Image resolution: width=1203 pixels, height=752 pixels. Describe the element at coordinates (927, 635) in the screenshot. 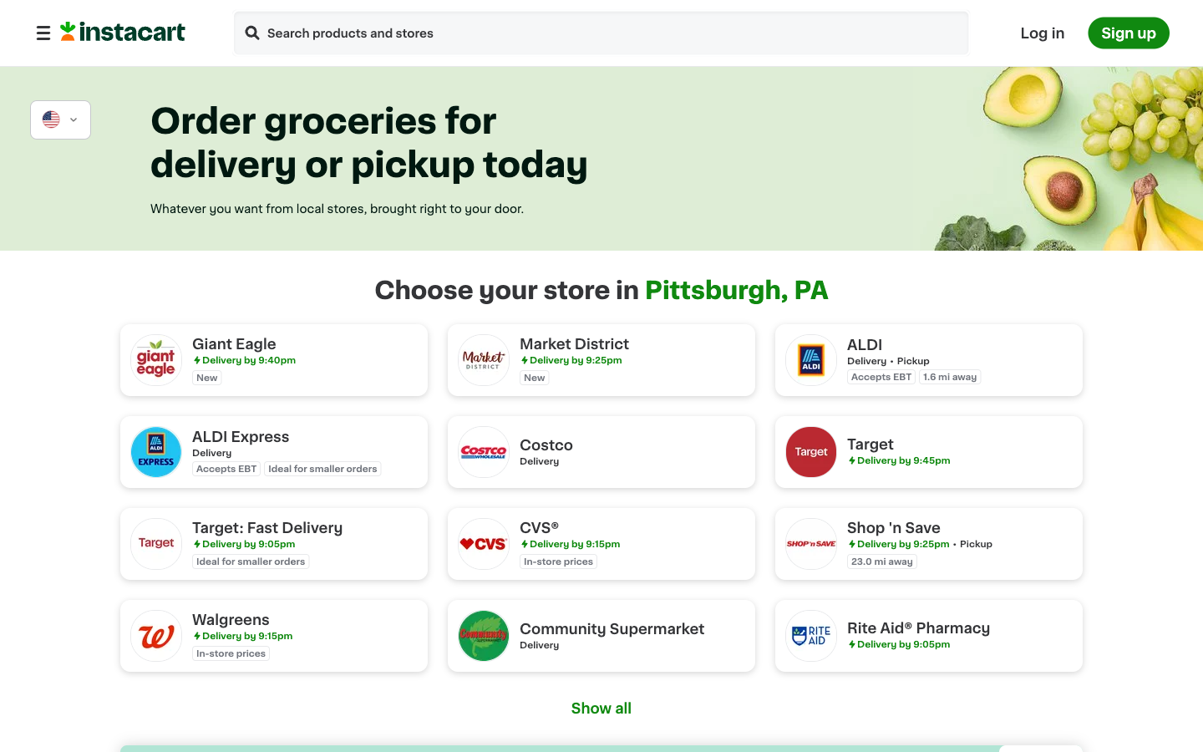

I see `Check the Rite Aid Pharmacy page for medicines` at that location.